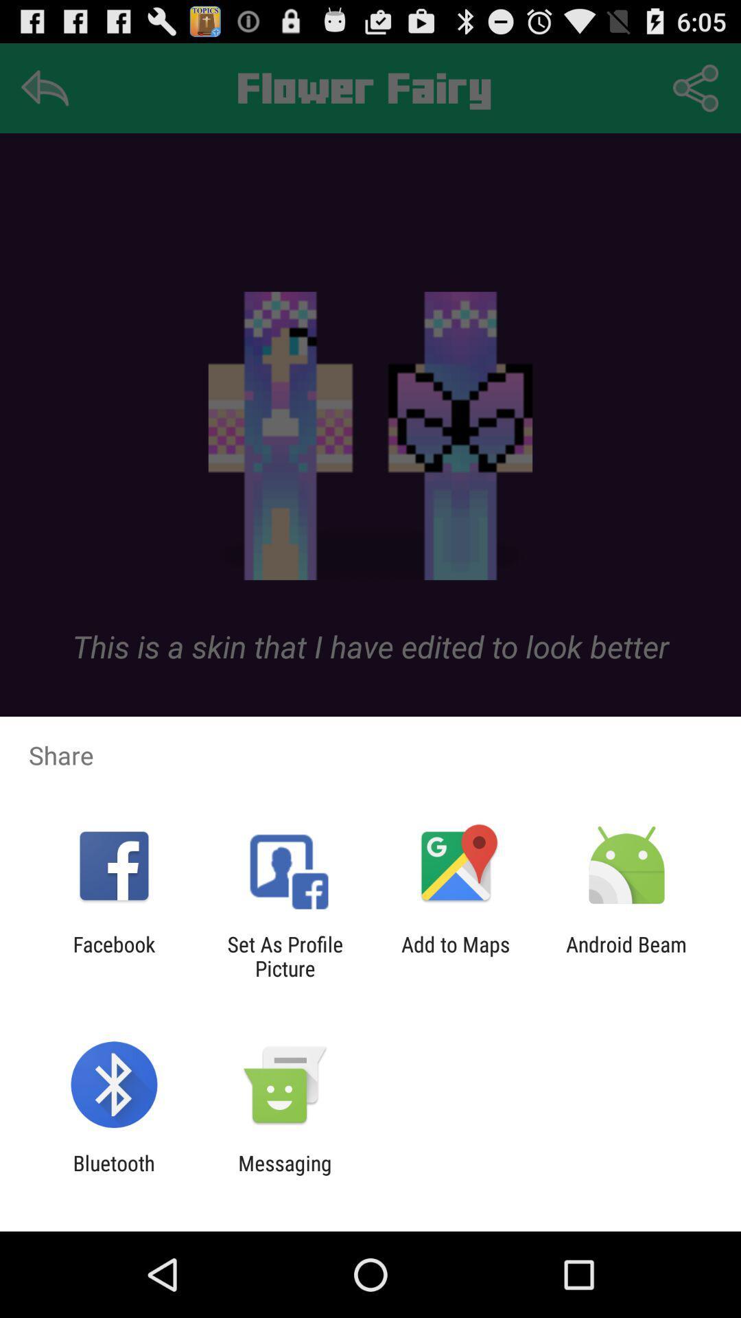 The width and height of the screenshot is (741, 1318). Describe the element at coordinates (284, 956) in the screenshot. I see `app next to the add to maps item` at that location.